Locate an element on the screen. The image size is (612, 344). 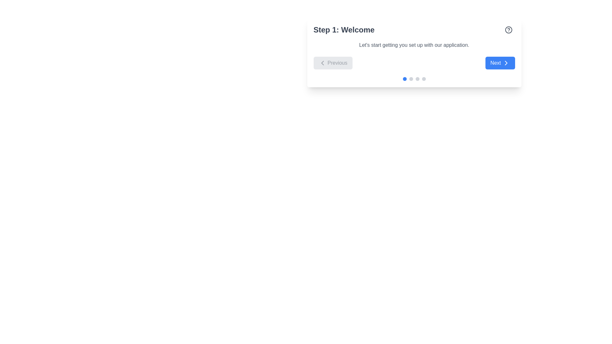
the second pagination dot, which is a small gray circular indicator indicating it is inactive, positioned below 'Step 1: Welcome' is located at coordinates (411, 78).